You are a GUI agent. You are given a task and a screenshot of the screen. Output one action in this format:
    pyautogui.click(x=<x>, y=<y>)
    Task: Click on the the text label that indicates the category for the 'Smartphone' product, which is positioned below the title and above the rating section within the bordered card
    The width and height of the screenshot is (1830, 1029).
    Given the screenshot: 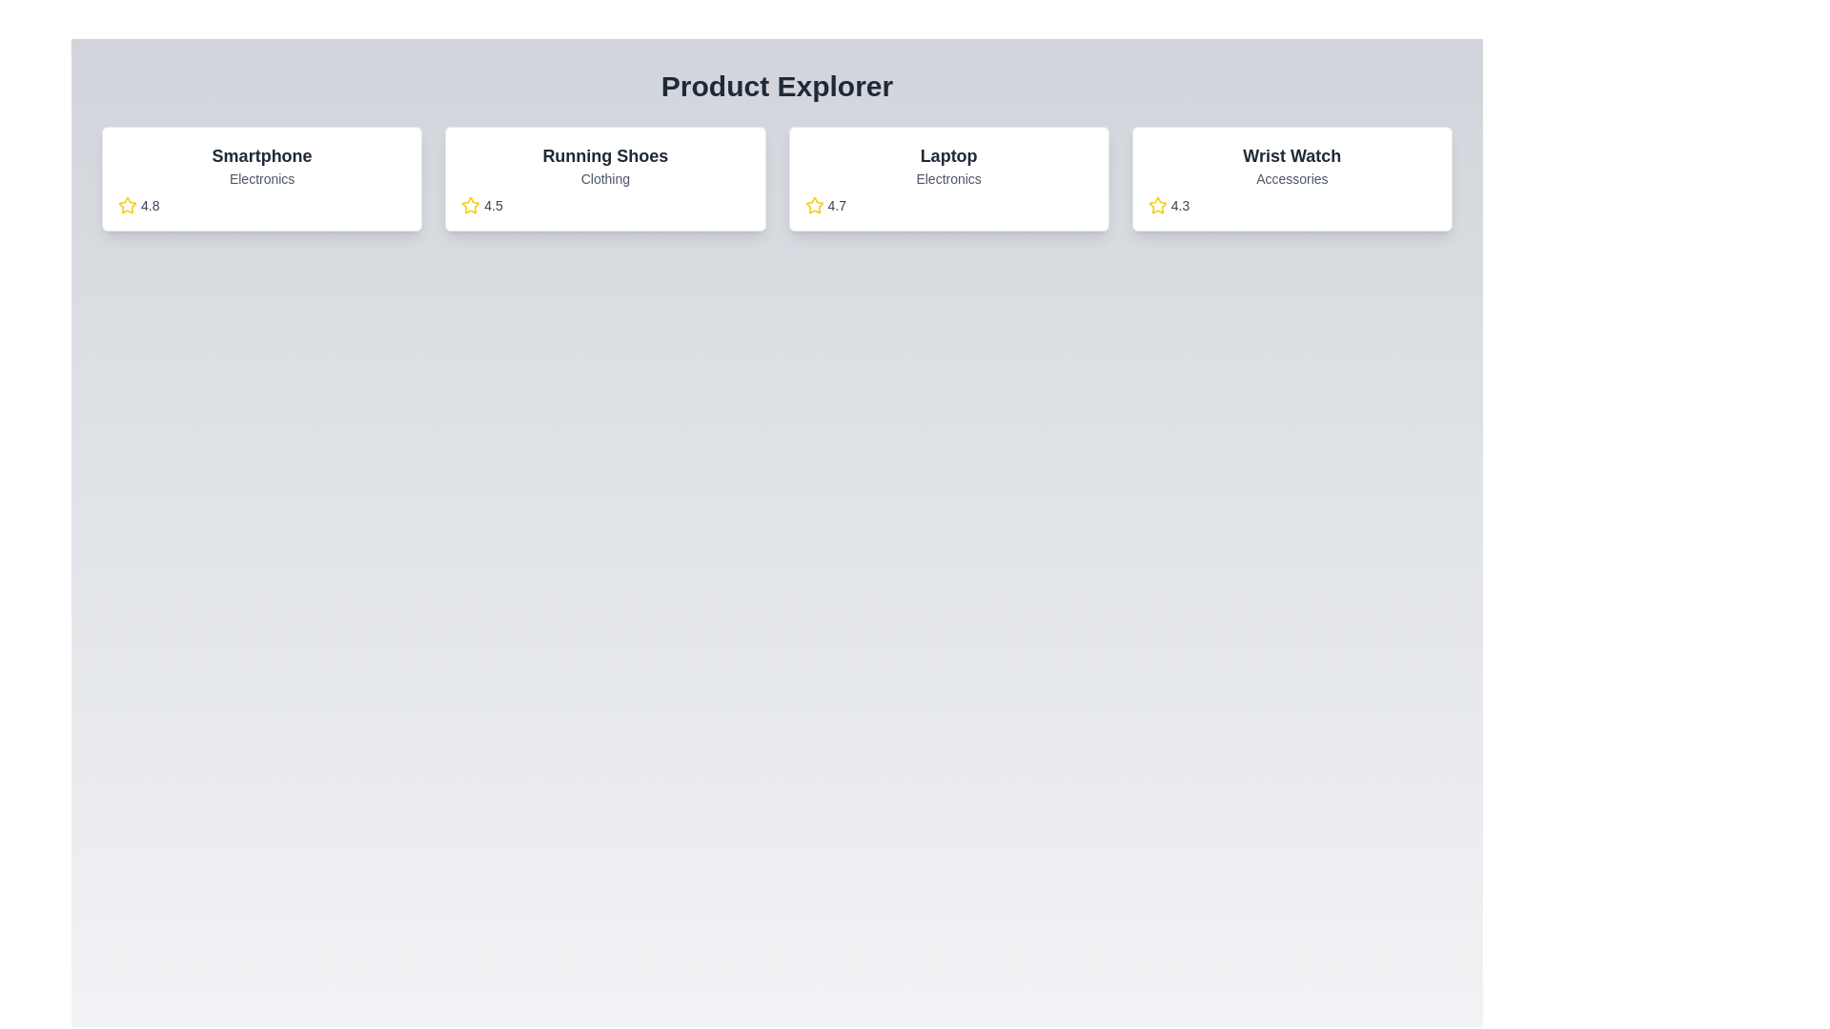 What is the action you would take?
    pyautogui.click(x=261, y=179)
    